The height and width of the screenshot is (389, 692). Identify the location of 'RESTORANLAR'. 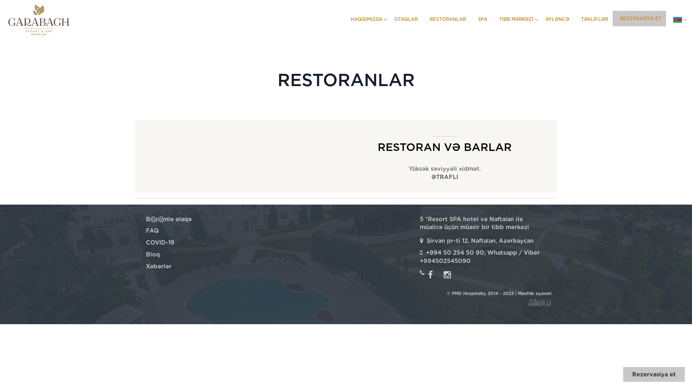
(446, 19).